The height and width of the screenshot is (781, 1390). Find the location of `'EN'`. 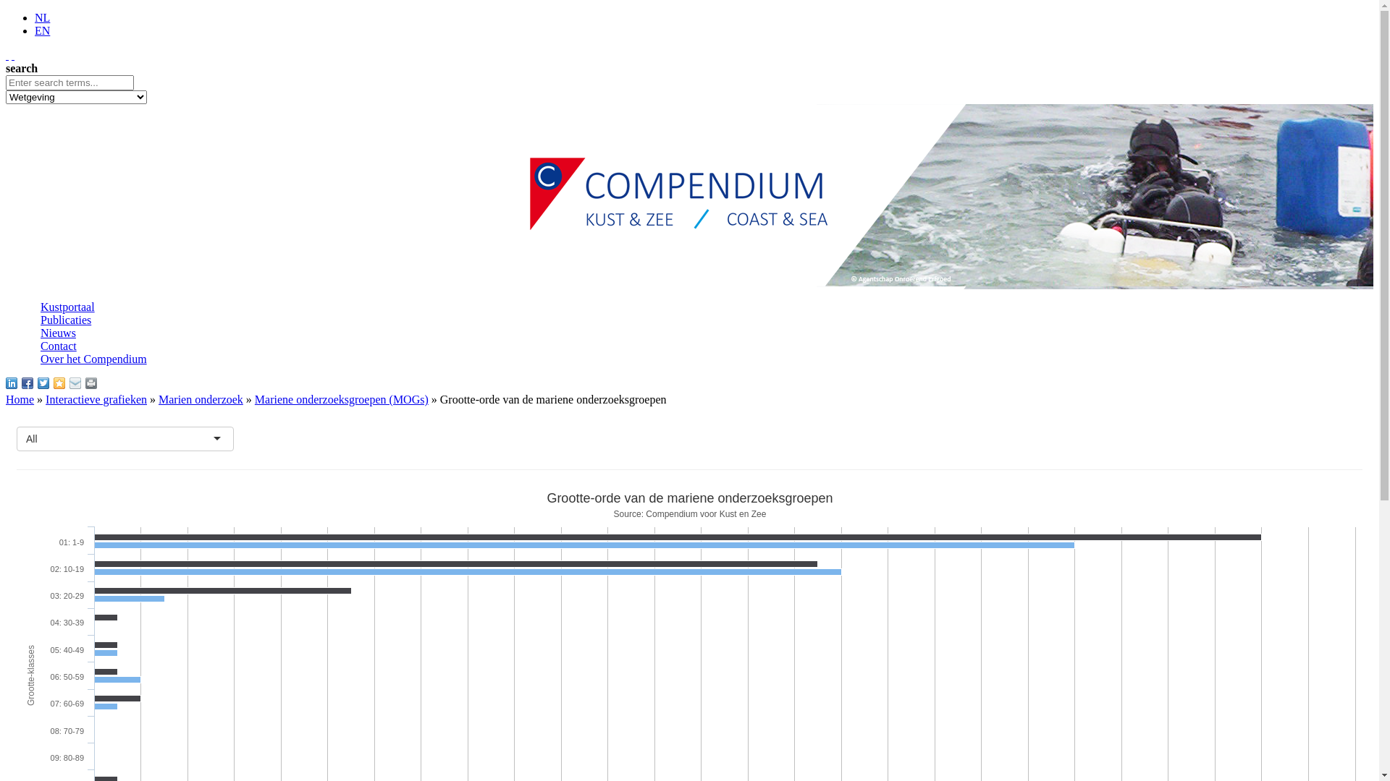

'EN' is located at coordinates (42, 30).